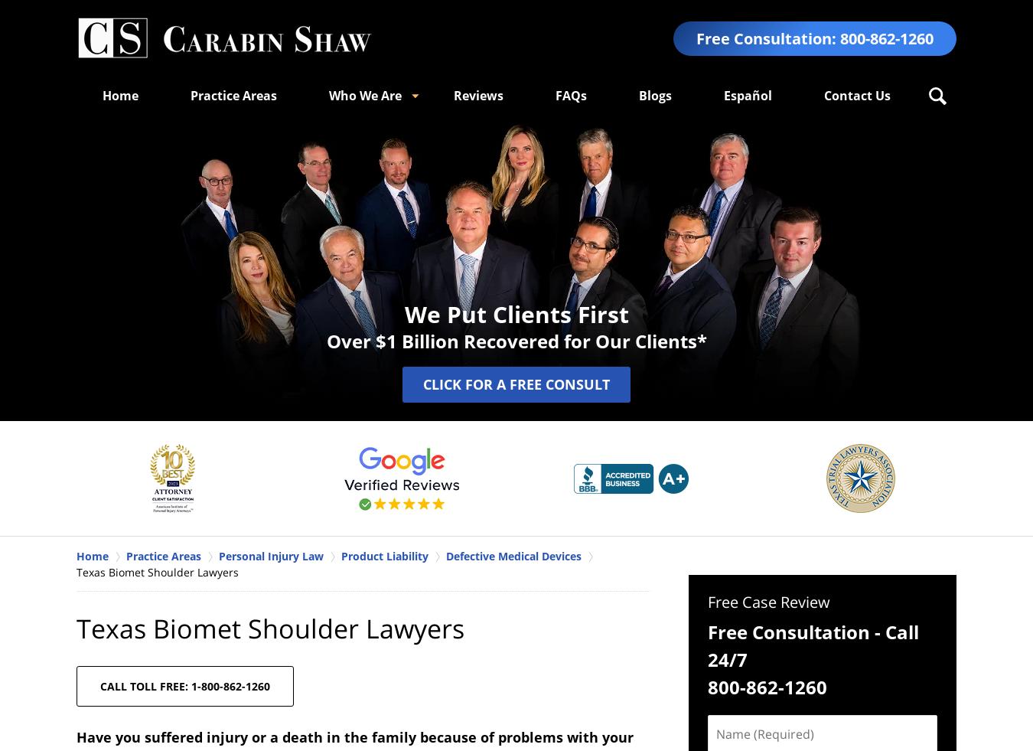  Describe the element at coordinates (570, 94) in the screenshot. I see `'FAQs'` at that location.